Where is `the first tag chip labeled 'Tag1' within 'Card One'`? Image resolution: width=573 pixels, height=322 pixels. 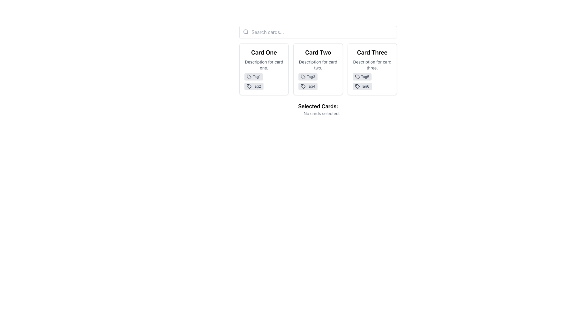 the first tag chip labeled 'Tag1' within 'Card One' is located at coordinates (253, 77).